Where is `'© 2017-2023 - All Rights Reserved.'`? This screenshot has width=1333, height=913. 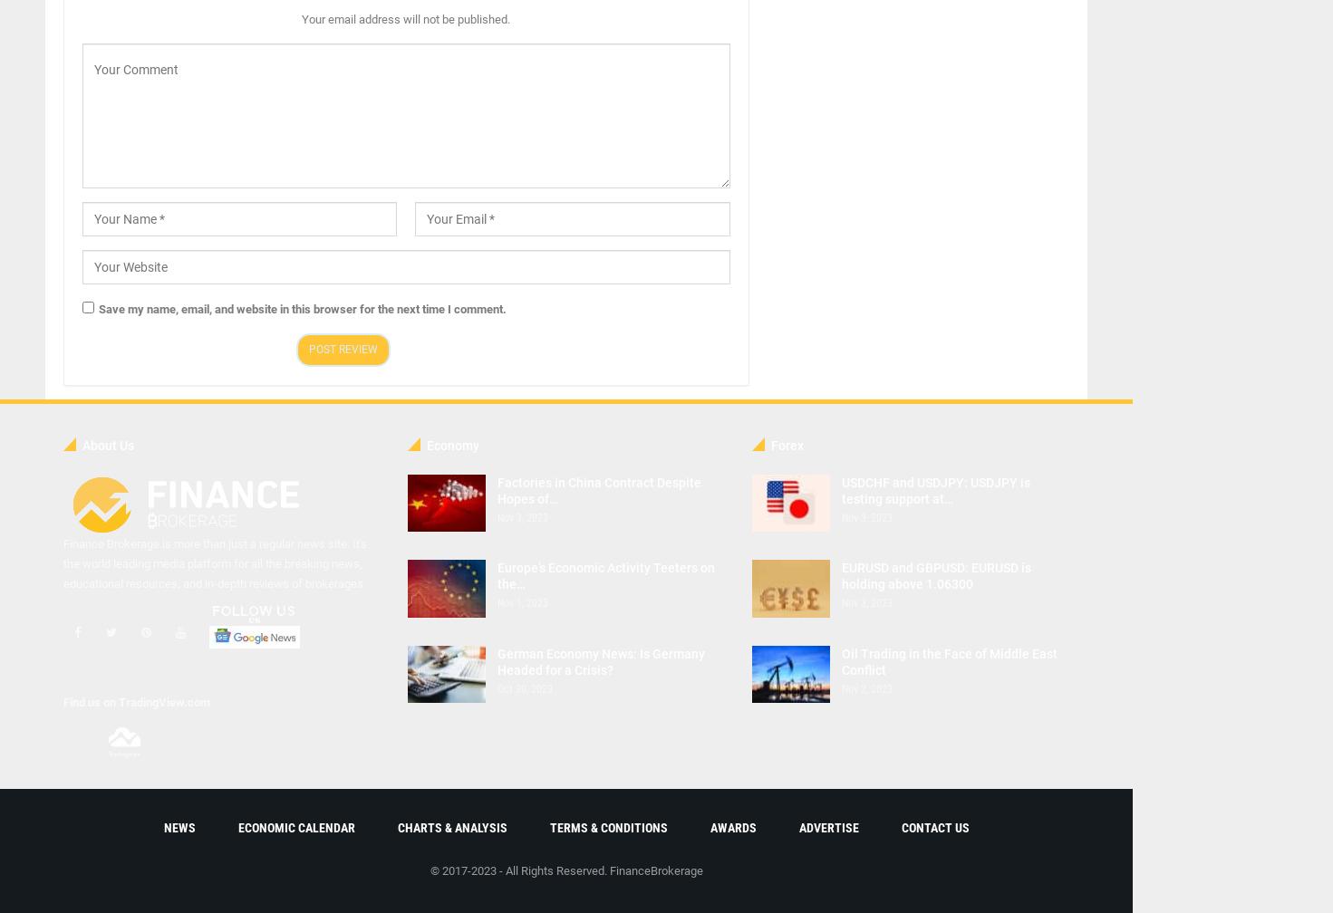 '© 2017-2023 - All Rights Reserved.' is located at coordinates (517, 870).